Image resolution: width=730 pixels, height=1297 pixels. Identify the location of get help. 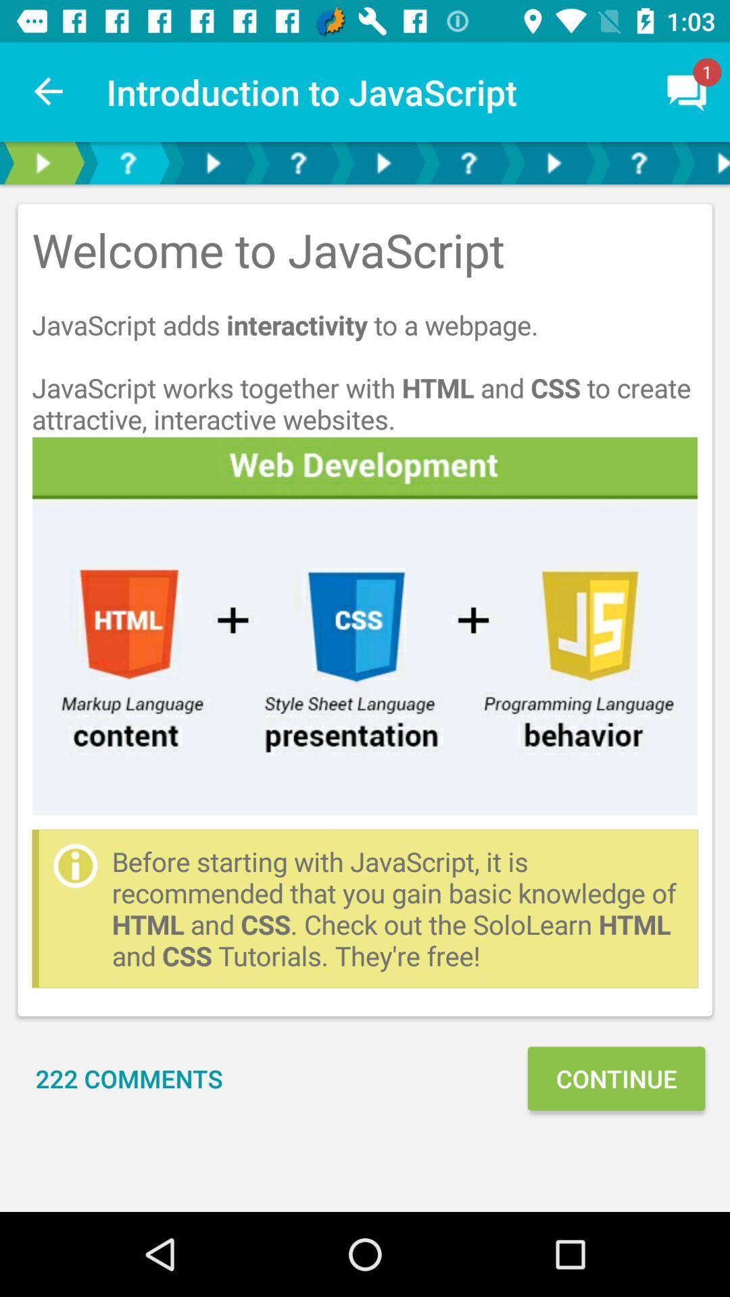
(297, 162).